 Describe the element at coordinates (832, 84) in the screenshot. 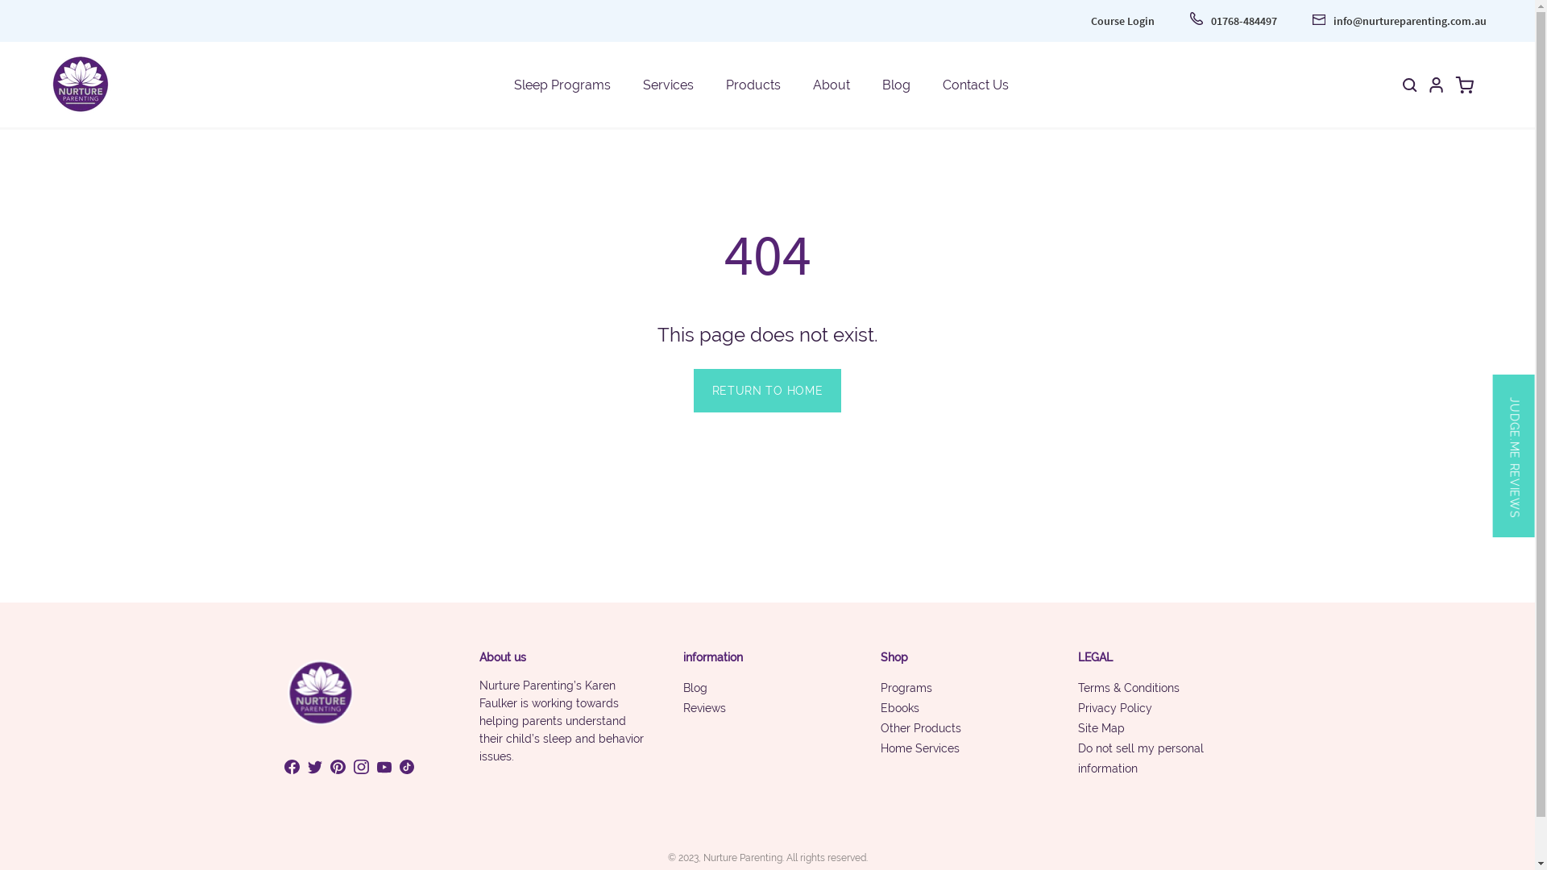

I see `'About'` at that location.